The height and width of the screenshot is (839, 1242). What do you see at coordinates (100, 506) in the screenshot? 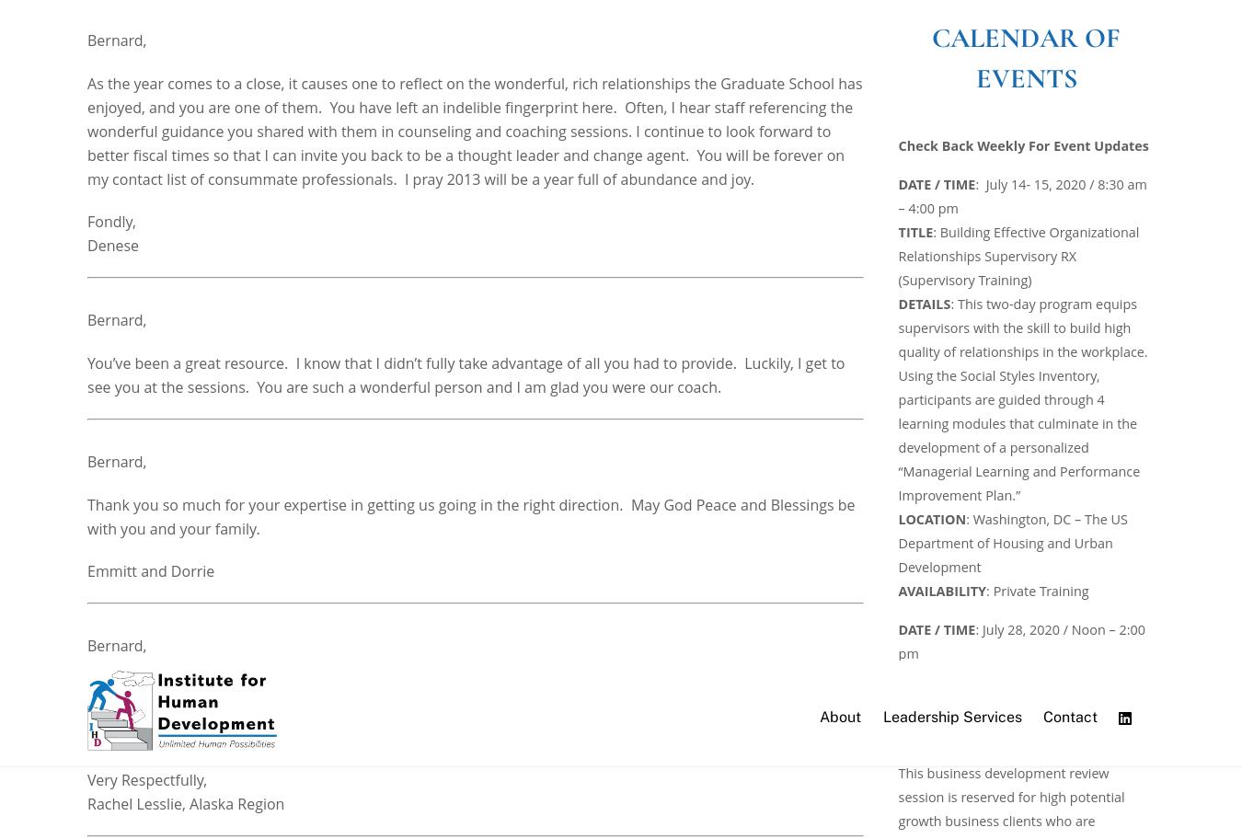
I see `'Joey'` at bounding box center [100, 506].